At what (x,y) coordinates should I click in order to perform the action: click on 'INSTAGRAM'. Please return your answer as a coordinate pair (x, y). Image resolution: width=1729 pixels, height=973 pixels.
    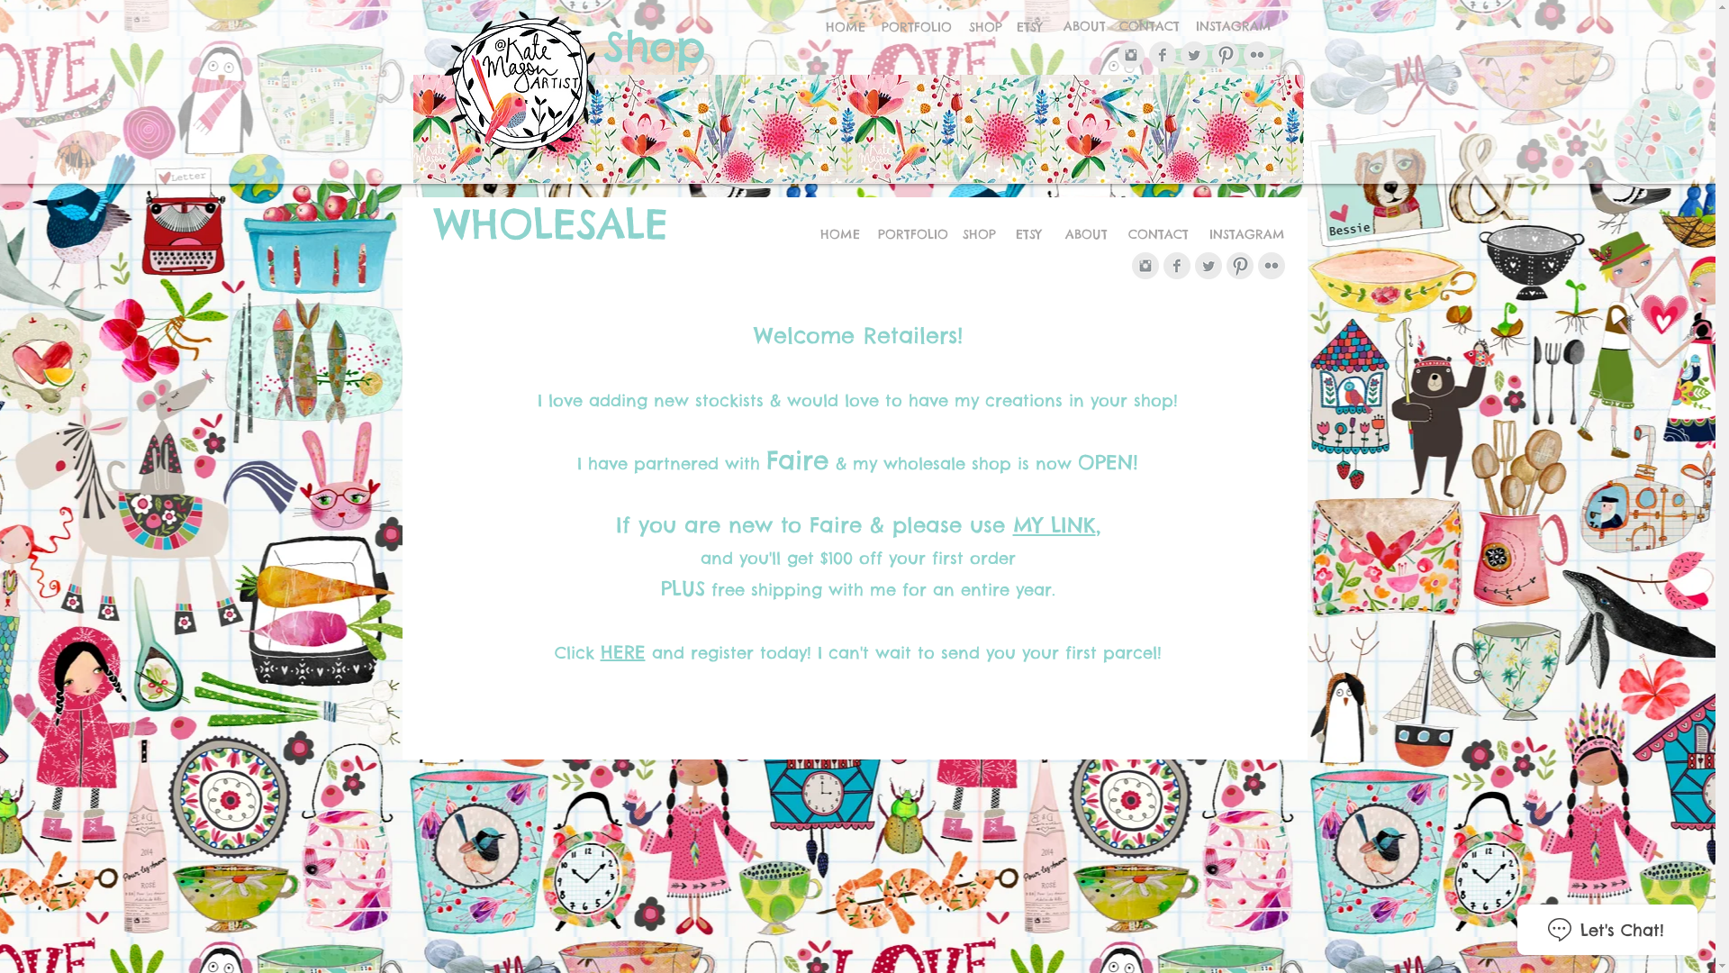
    Looking at the image, I should click on (1184, 27).